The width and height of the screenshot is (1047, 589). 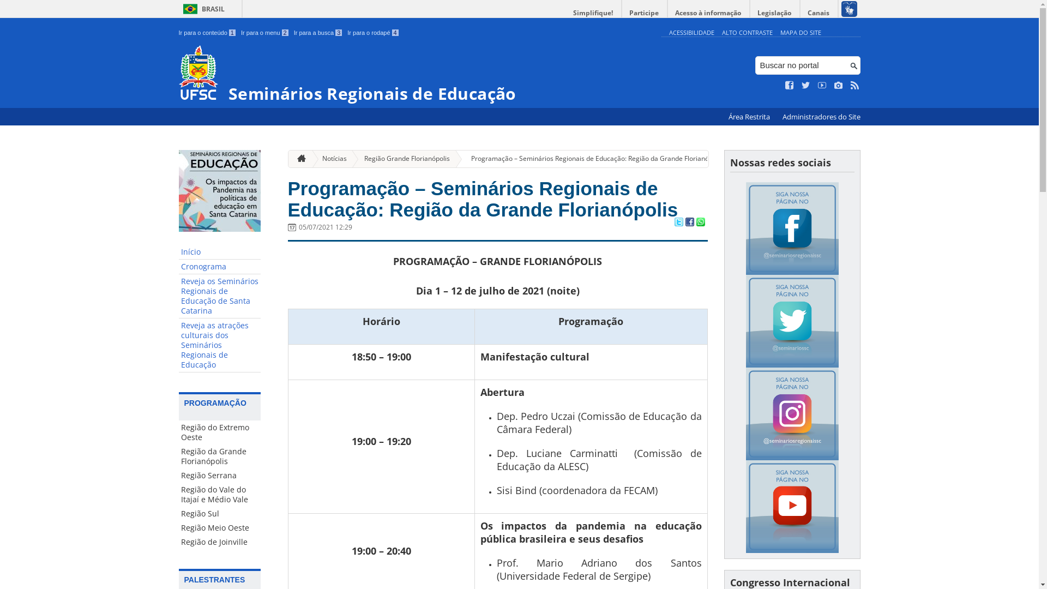 What do you see at coordinates (806, 85) in the screenshot?
I see `'Siga no Twitter'` at bounding box center [806, 85].